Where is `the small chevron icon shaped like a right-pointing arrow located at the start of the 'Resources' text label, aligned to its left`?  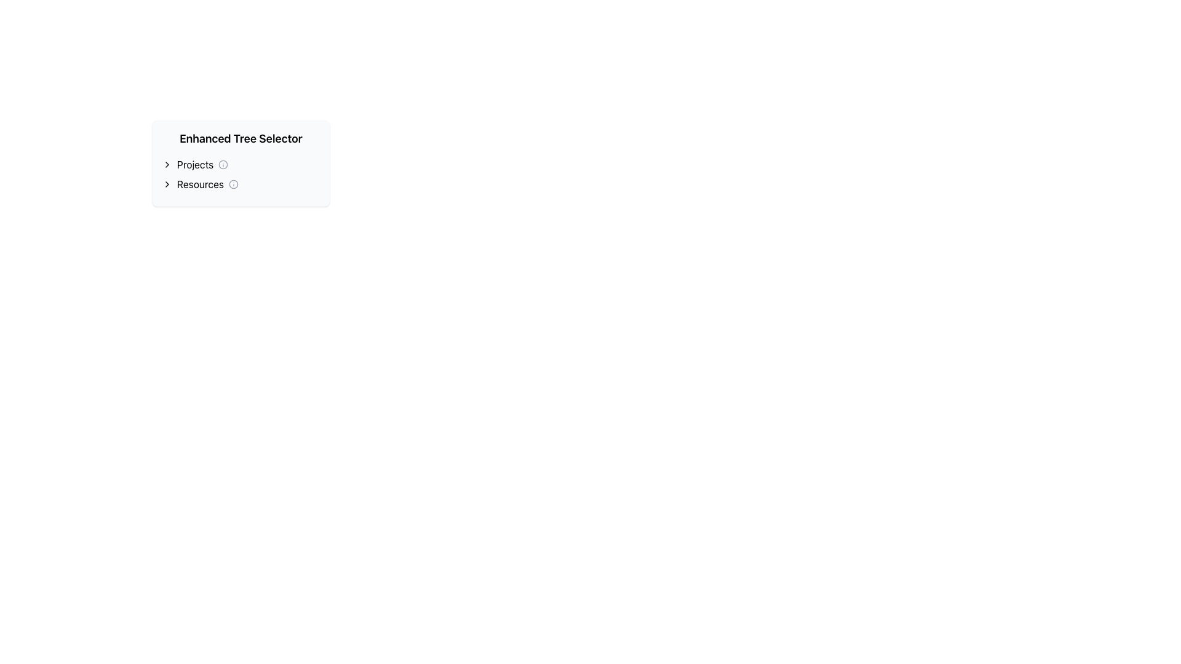
the small chevron icon shaped like a right-pointing arrow located at the start of the 'Resources' text label, aligned to its left is located at coordinates (167, 184).